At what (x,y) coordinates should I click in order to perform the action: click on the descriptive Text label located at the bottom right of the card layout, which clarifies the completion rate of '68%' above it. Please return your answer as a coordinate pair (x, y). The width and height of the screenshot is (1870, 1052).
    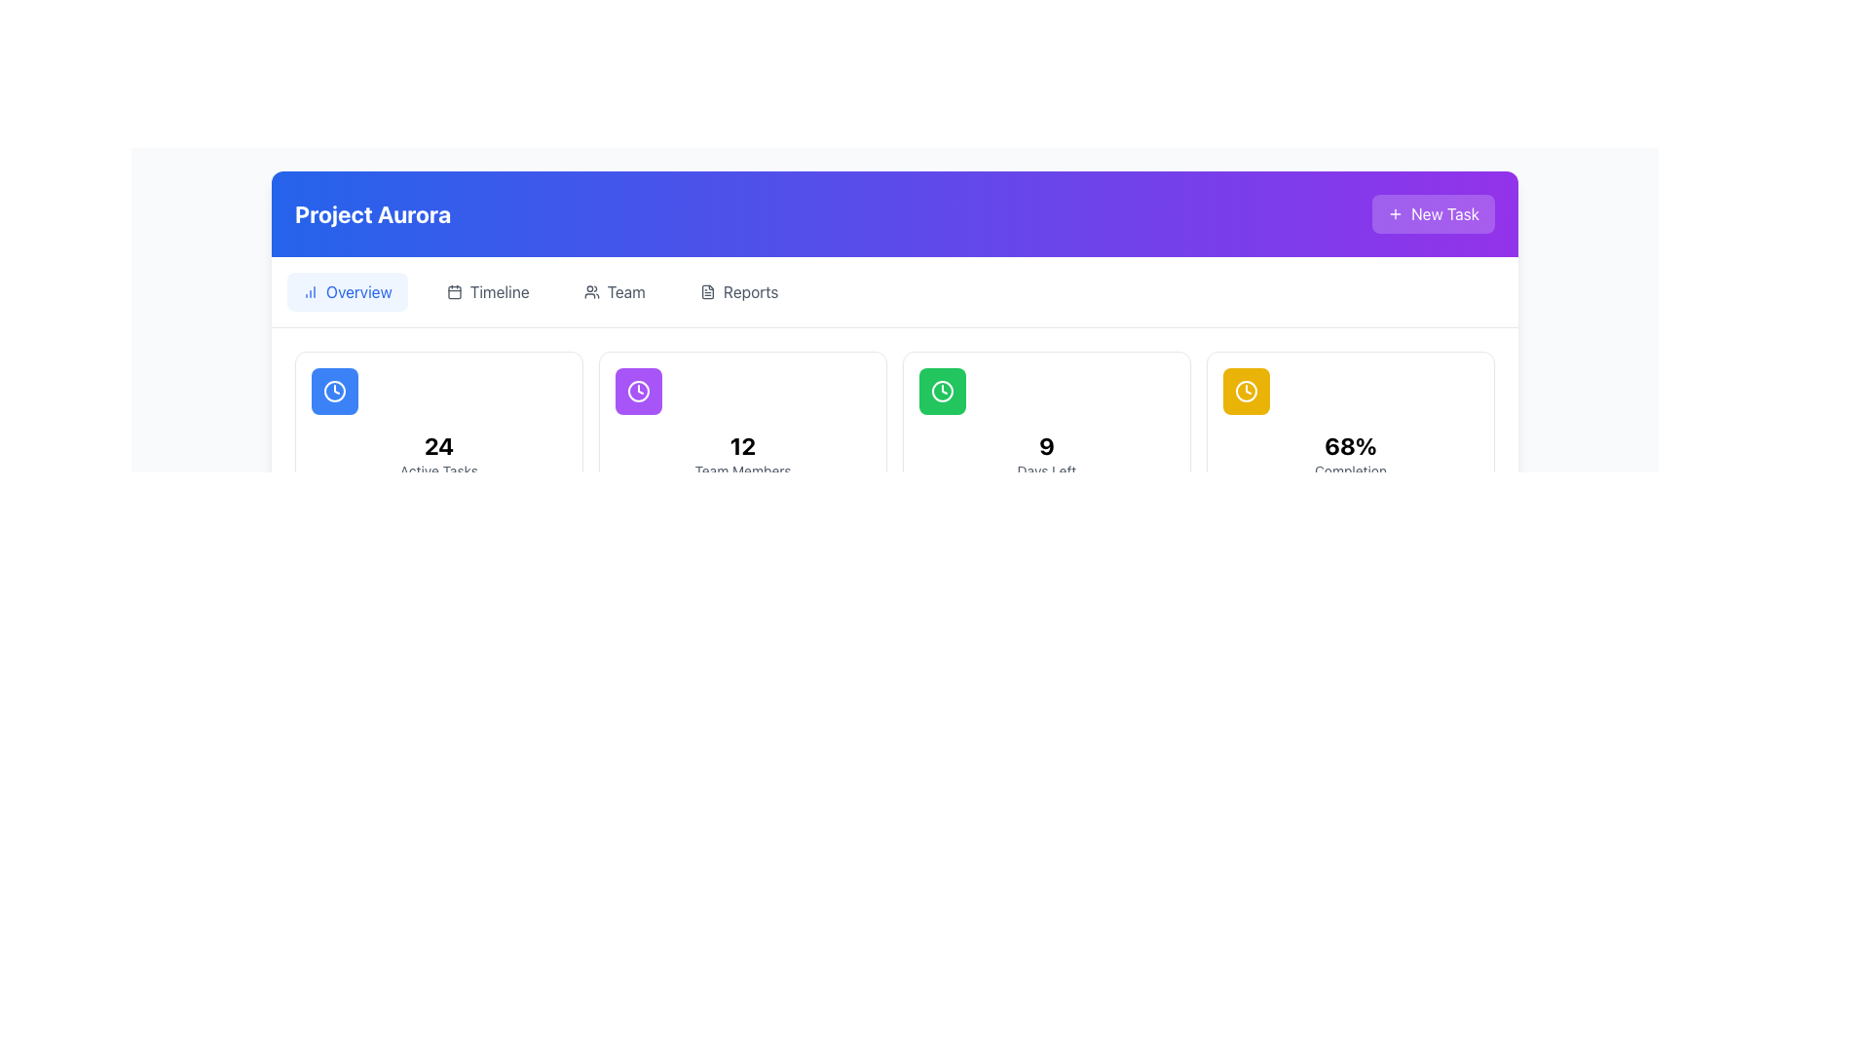
    Looking at the image, I should click on (1350, 470).